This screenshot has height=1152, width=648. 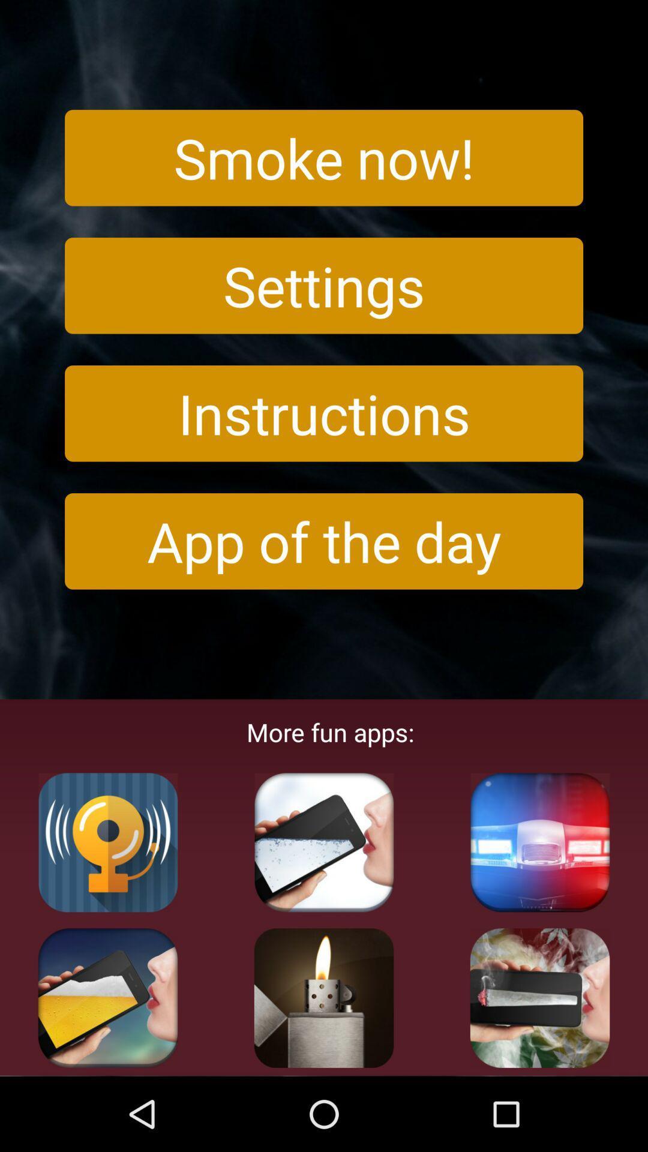 I want to click on other available apps, so click(x=108, y=842).